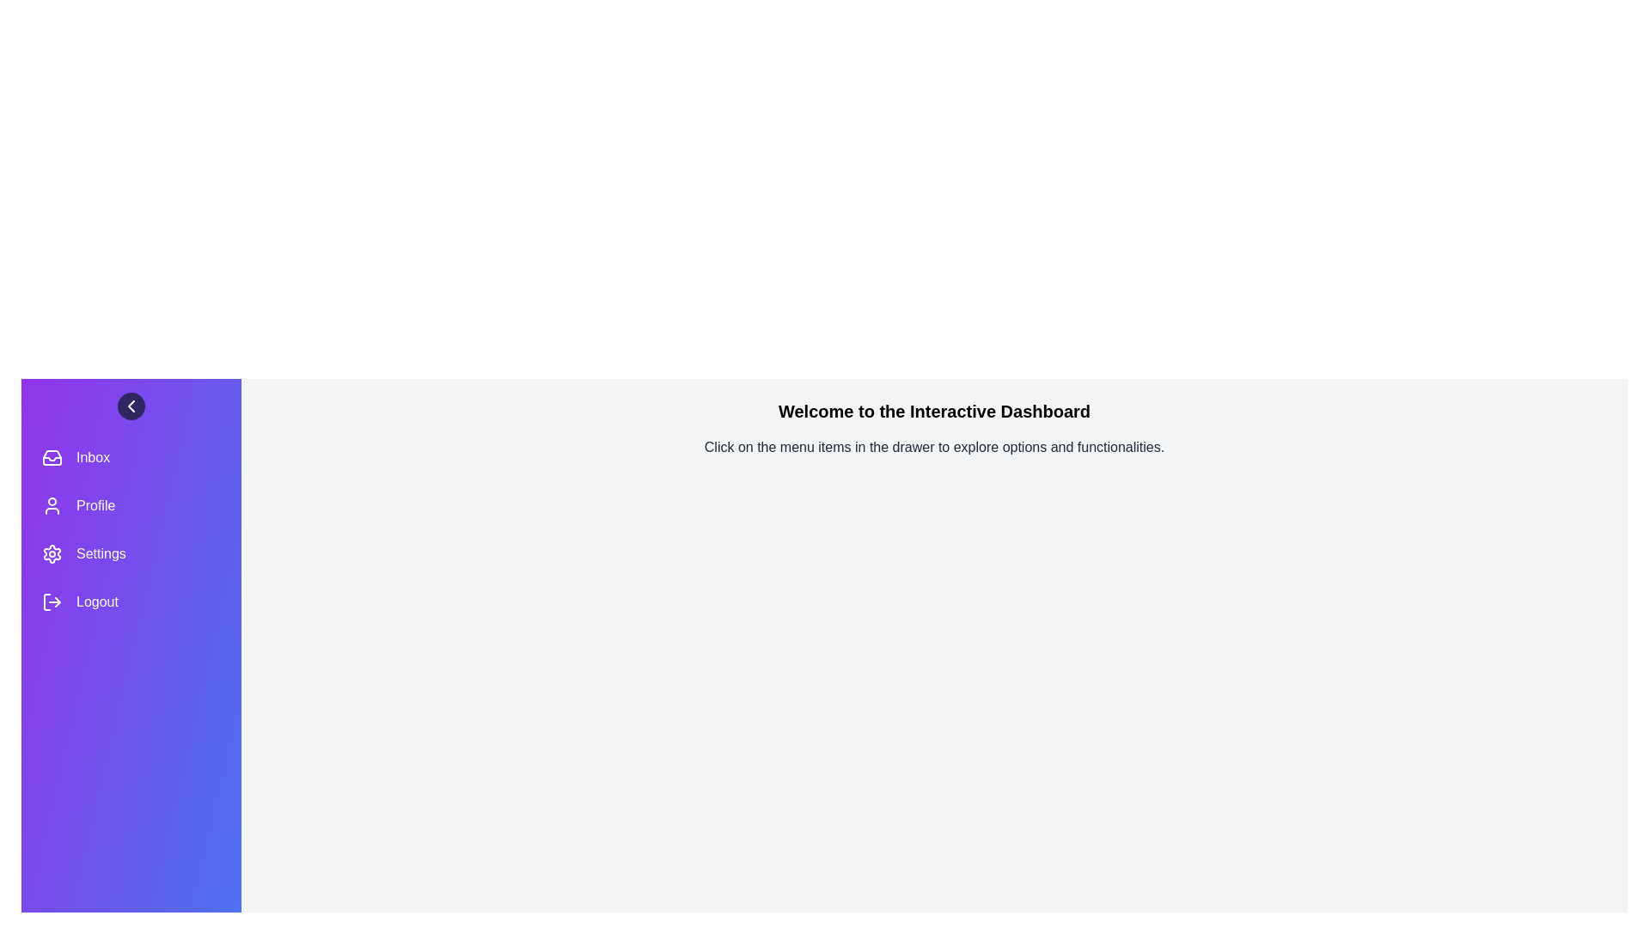  Describe the element at coordinates (131, 553) in the screenshot. I see `the menu item labeled Settings to observe its hover effect` at that location.